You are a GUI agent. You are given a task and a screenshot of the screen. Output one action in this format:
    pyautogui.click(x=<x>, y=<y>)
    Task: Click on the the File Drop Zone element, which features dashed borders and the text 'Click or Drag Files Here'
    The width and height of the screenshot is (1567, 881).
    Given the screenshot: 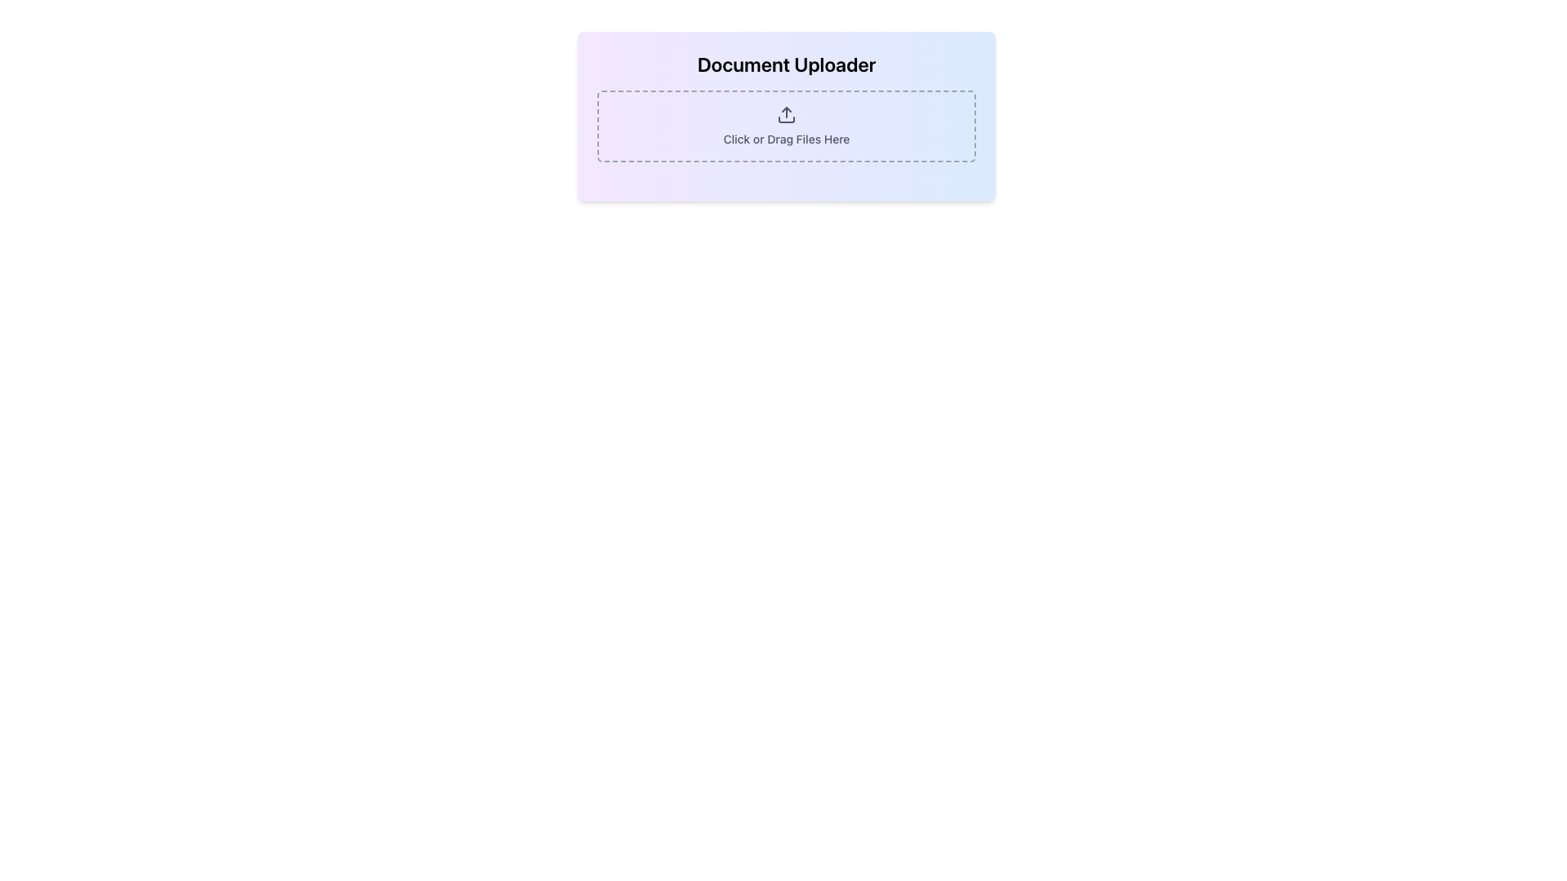 What is the action you would take?
    pyautogui.click(x=787, y=125)
    